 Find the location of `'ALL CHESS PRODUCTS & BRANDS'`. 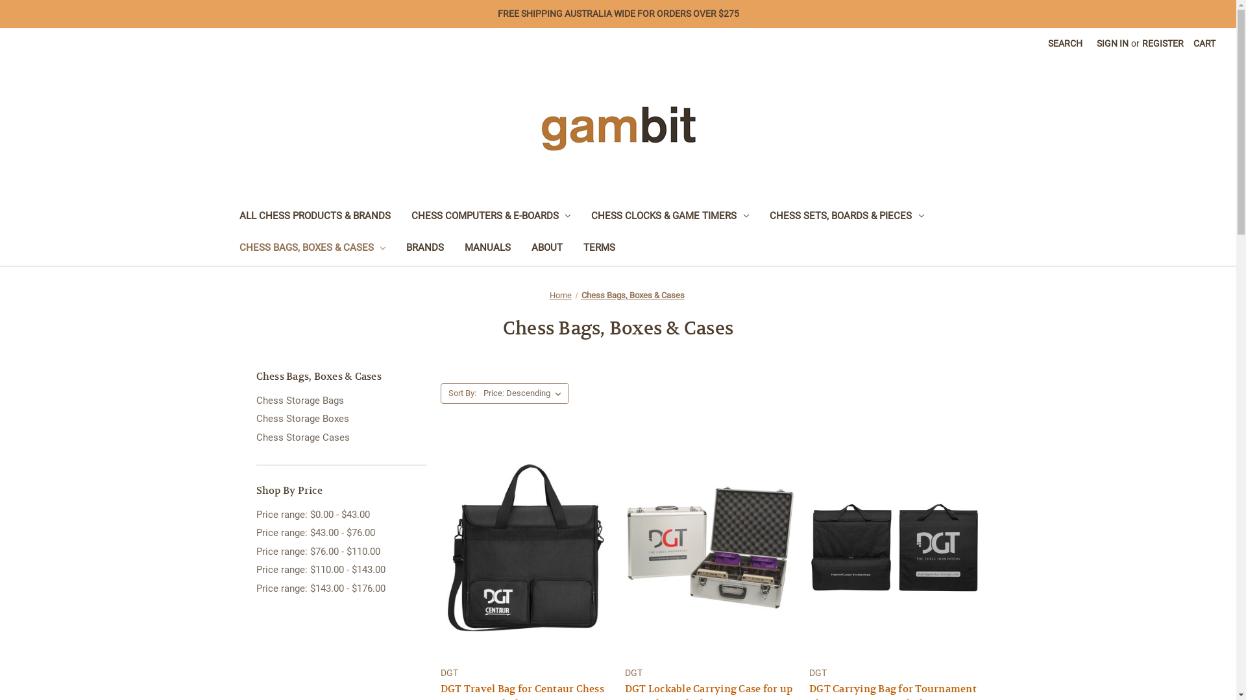

'ALL CHESS PRODUCTS & BRANDS' is located at coordinates (314, 216).